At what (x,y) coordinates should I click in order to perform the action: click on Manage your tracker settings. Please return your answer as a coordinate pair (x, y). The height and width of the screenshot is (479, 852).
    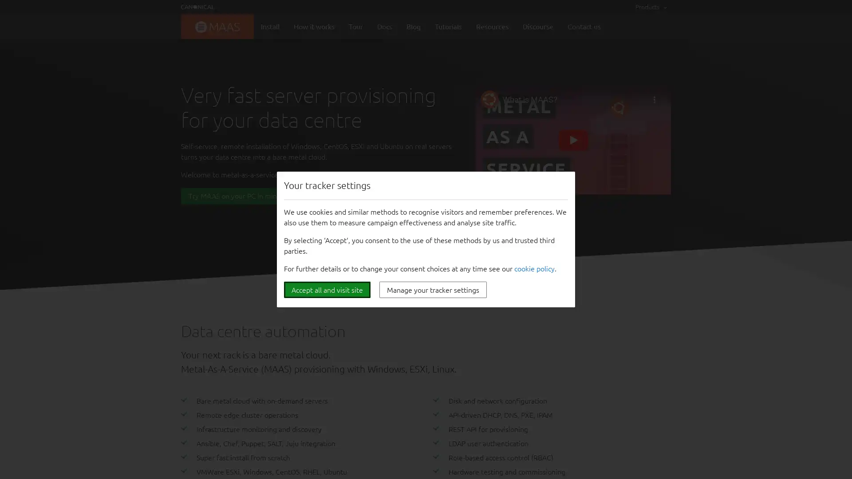
    Looking at the image, I should click on (433, 290).